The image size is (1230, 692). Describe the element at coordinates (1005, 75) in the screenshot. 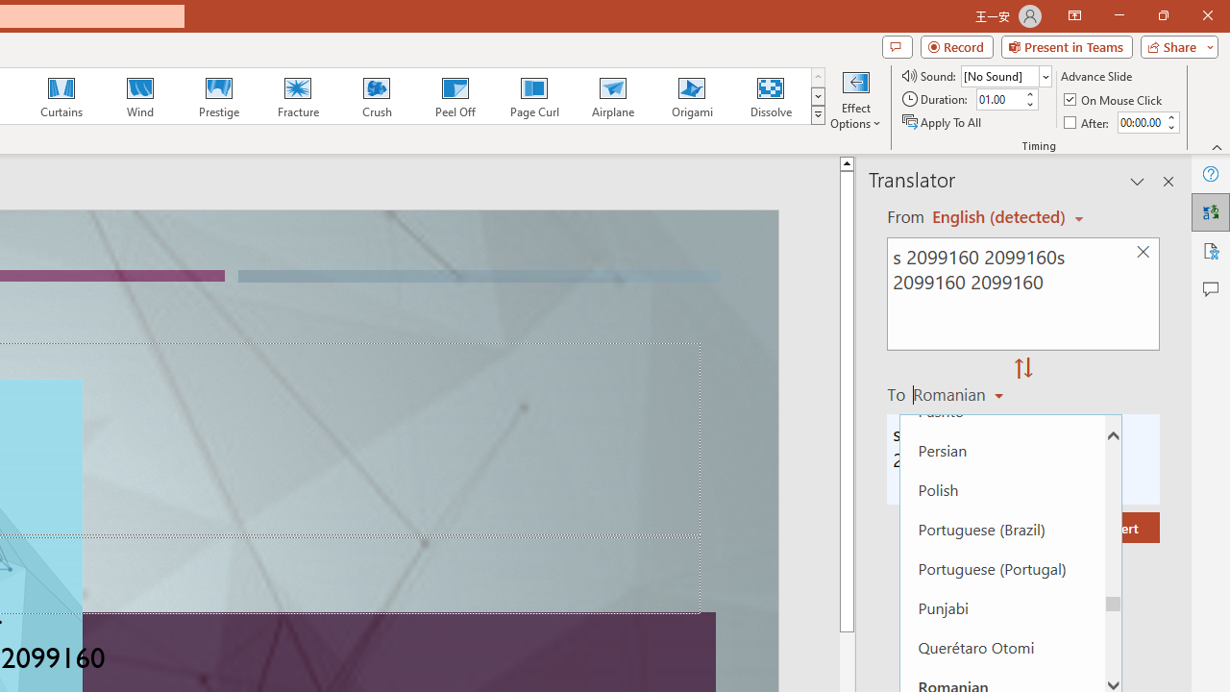

I see `'Sound'` at that location.